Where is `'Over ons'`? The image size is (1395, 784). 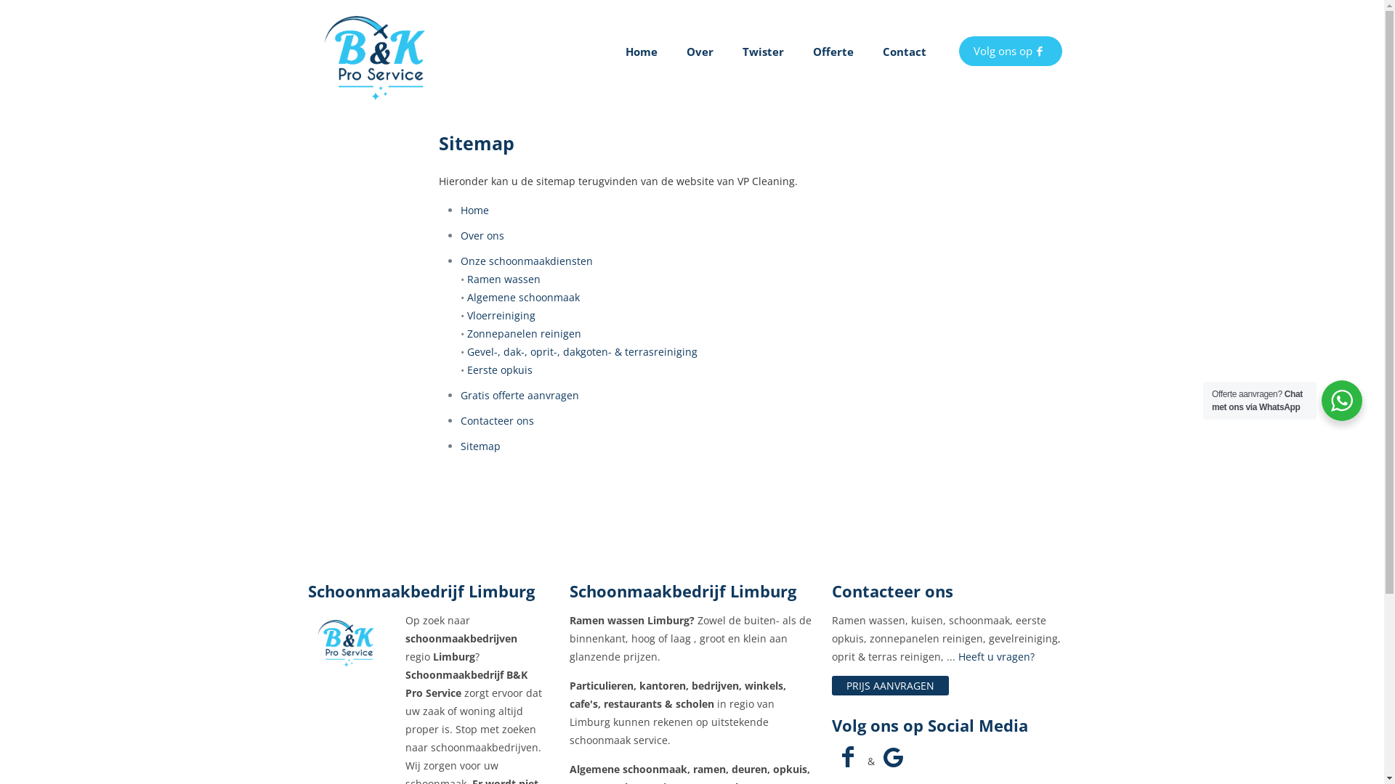
'Over ons' is located at coordinates (482, 234).